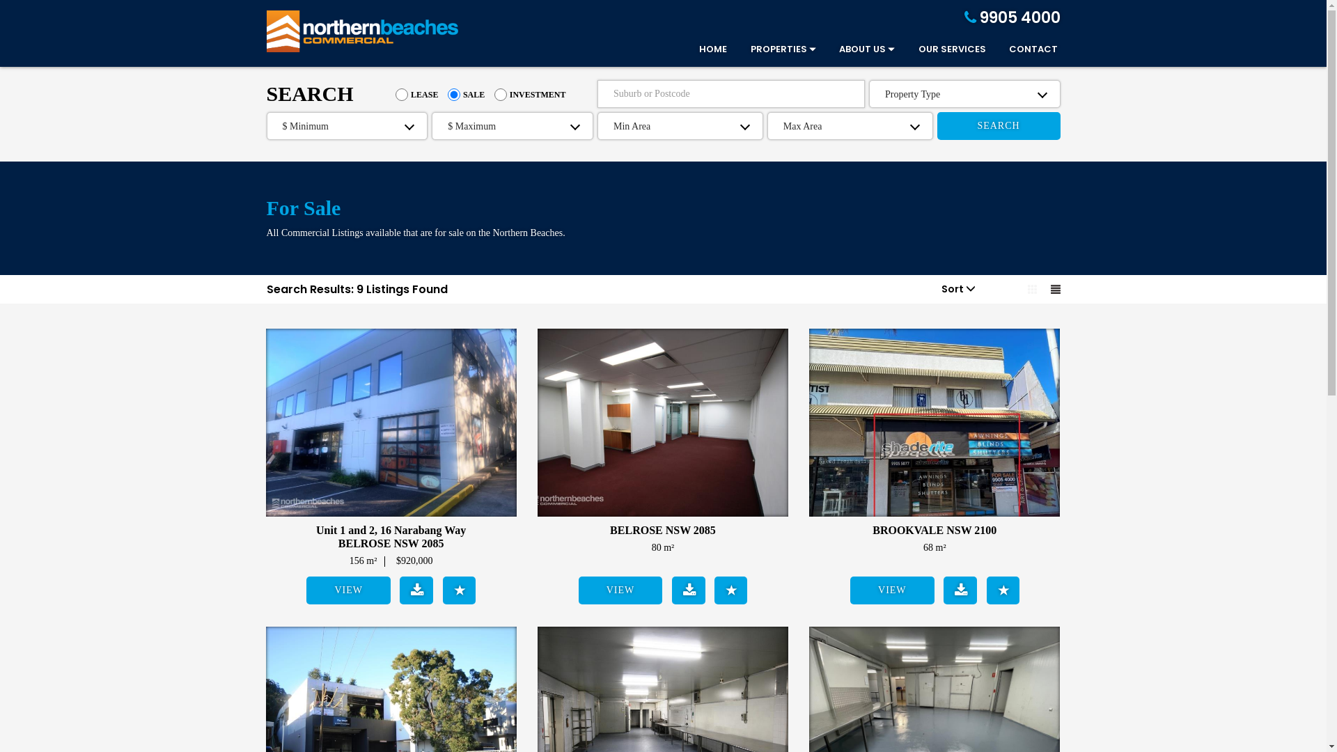 The height and width of the screenshot is (752, 1337). Describe the element at coordinates (348, 590) in the screenshot. I see `'VIEW'` at that location.